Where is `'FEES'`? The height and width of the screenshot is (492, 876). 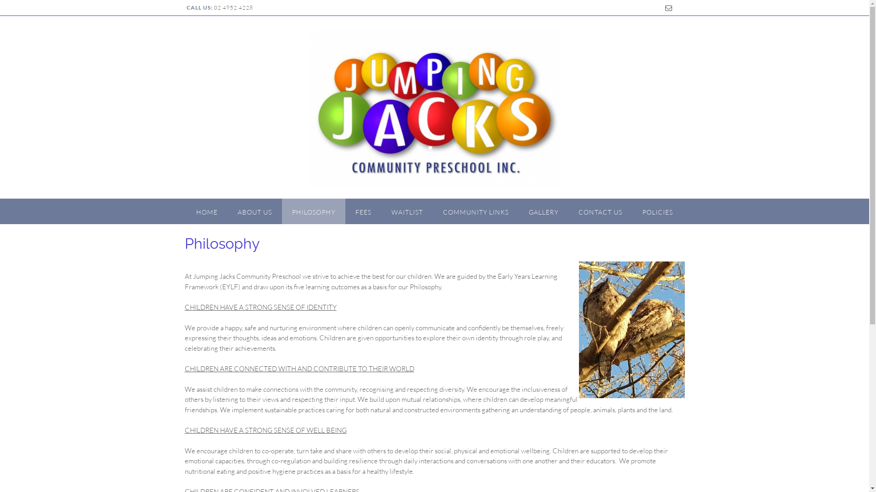 'FEES' is located at coordinates (345, 211).